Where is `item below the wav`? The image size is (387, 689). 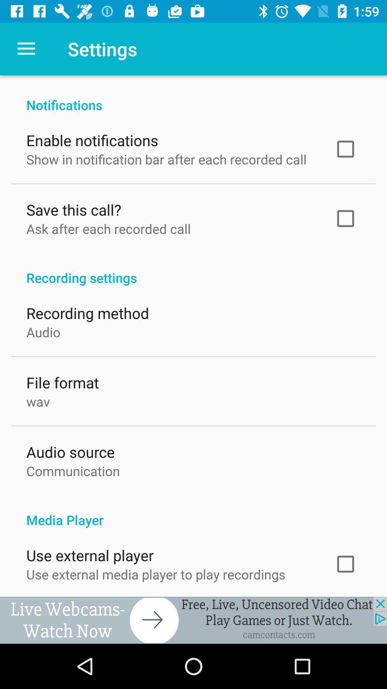 item below the wav is located at coordinates (70, 450).